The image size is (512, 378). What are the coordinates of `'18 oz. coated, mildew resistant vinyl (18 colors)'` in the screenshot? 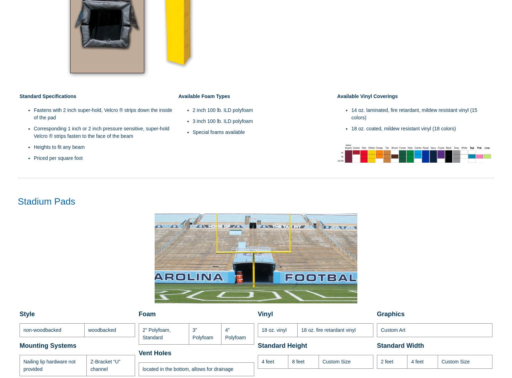 It's located at (403, 128).